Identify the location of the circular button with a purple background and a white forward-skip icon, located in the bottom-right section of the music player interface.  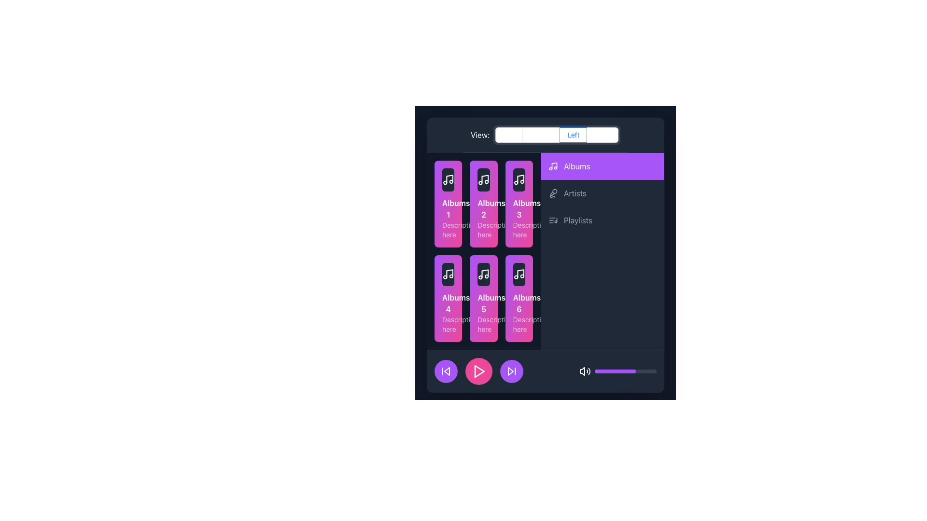
(511, 371).